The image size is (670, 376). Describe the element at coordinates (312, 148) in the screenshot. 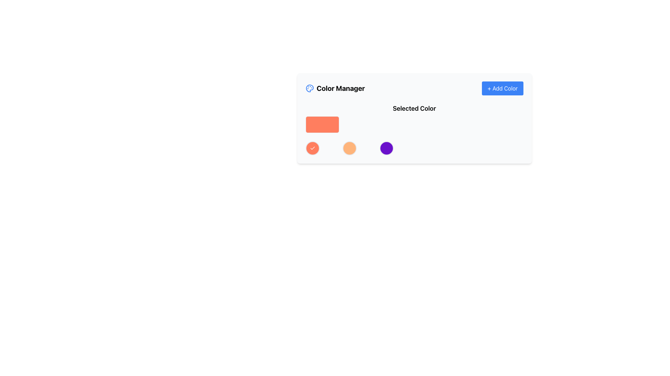

I see `the SVG-based icon inside the orange circular button at the bottom left of the color selection card` at that location.